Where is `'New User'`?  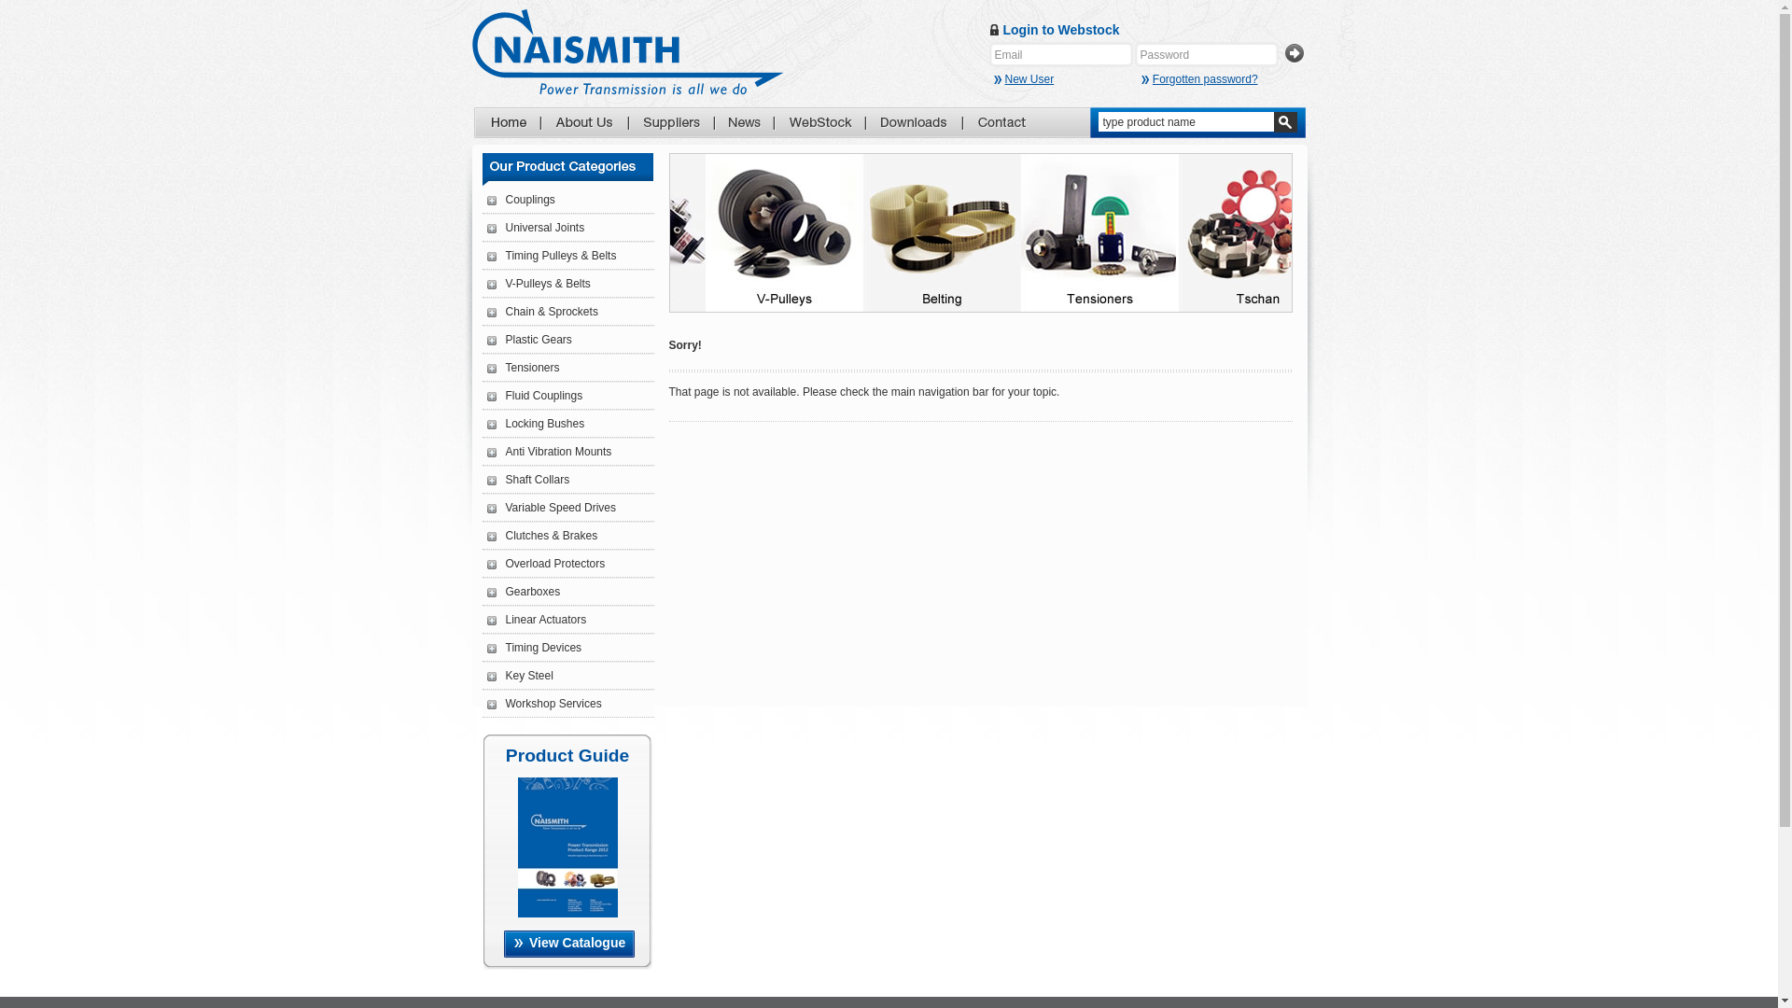 'New User' is located at coordinates (1064, 77).